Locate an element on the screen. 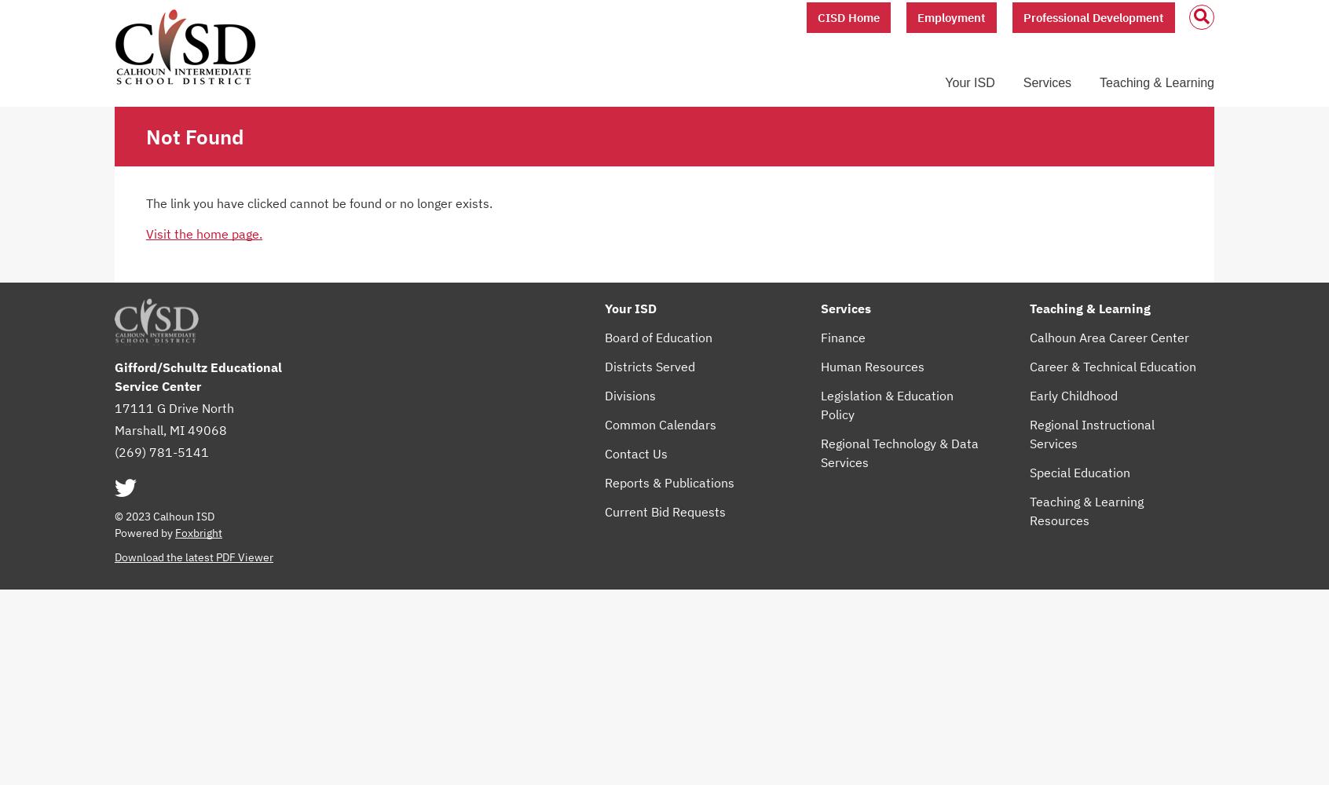 The image size is (1329, 785). 'Services' is located at coordinates (845, 309).